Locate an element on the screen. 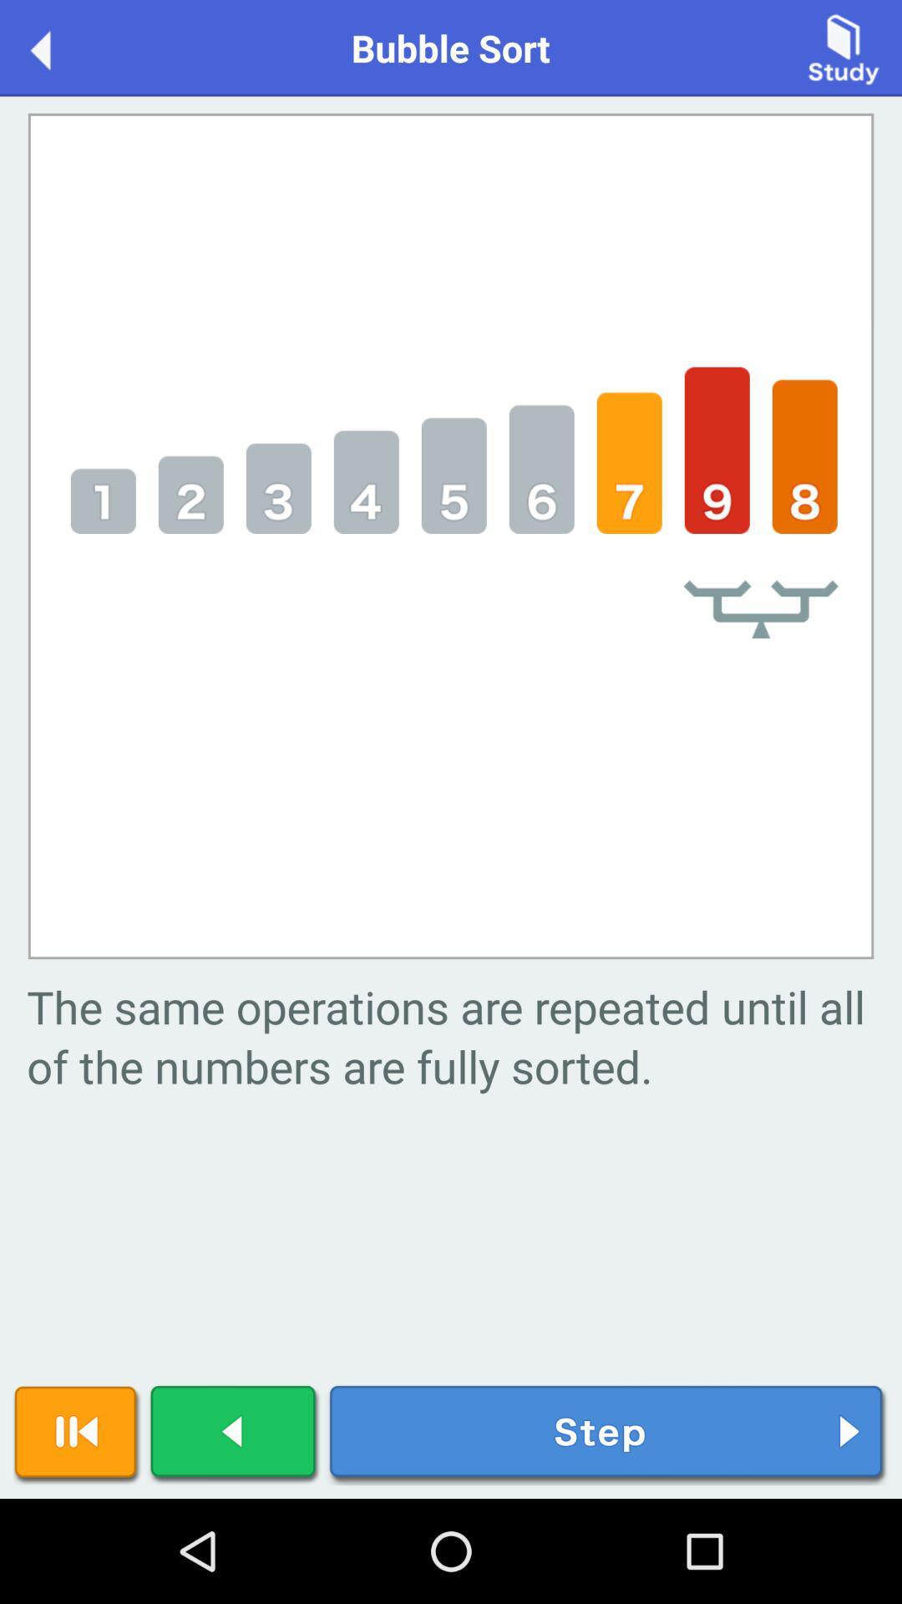  icon next to bubble sort is located at coordinates (57, 47).